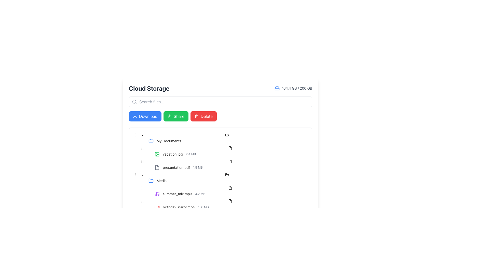  Describe the element at coordinates (176, 168) in the screenshot. I see `the static text label identifying the file 'presentation.pdf' in the cloud storage interface` at that location.